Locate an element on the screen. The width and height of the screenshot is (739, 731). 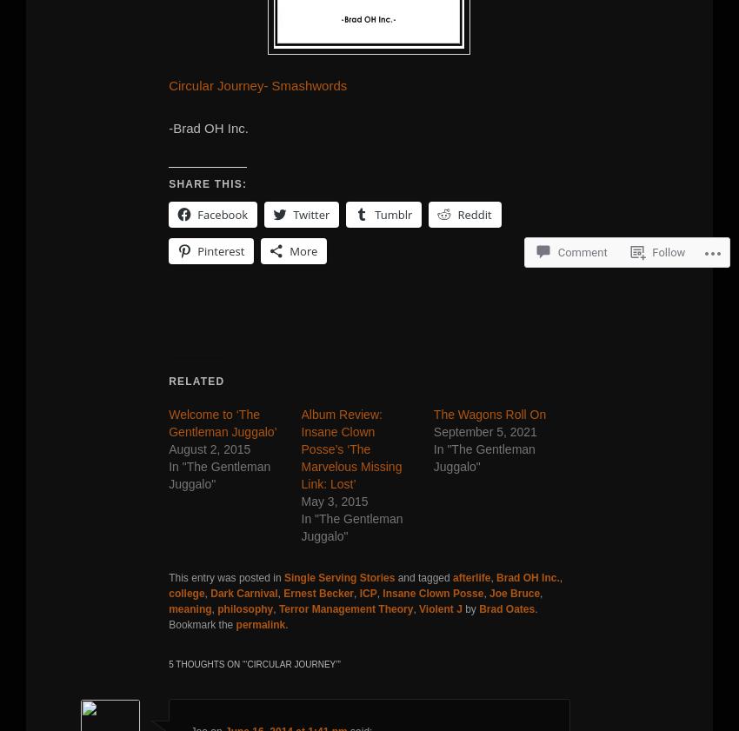
'Twitter' is located at coordinates (310, 212).